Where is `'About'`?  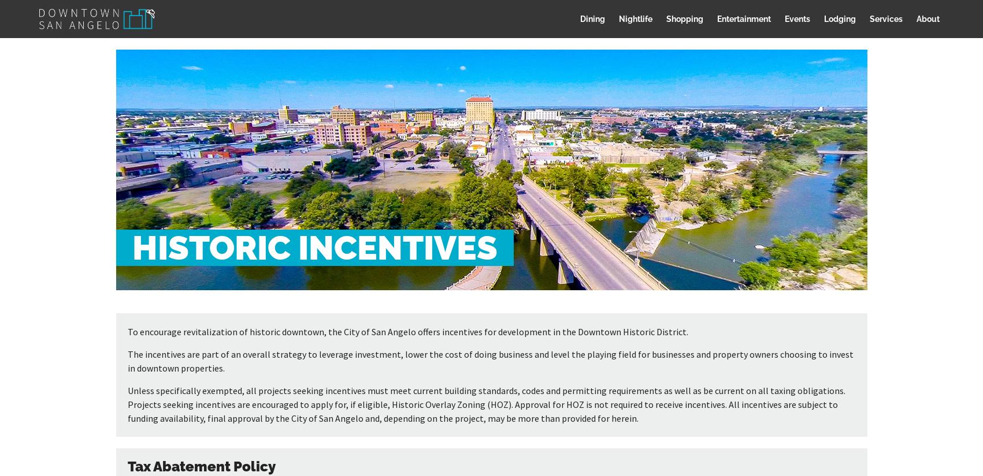 'About' is located at coordinates (927, 18).